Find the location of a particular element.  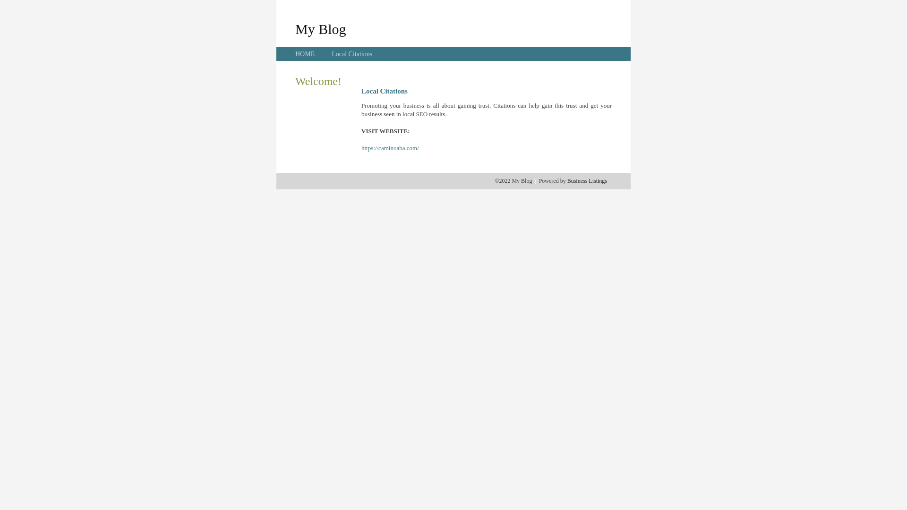

'Business Listings' is located at coordinates (567, 180).